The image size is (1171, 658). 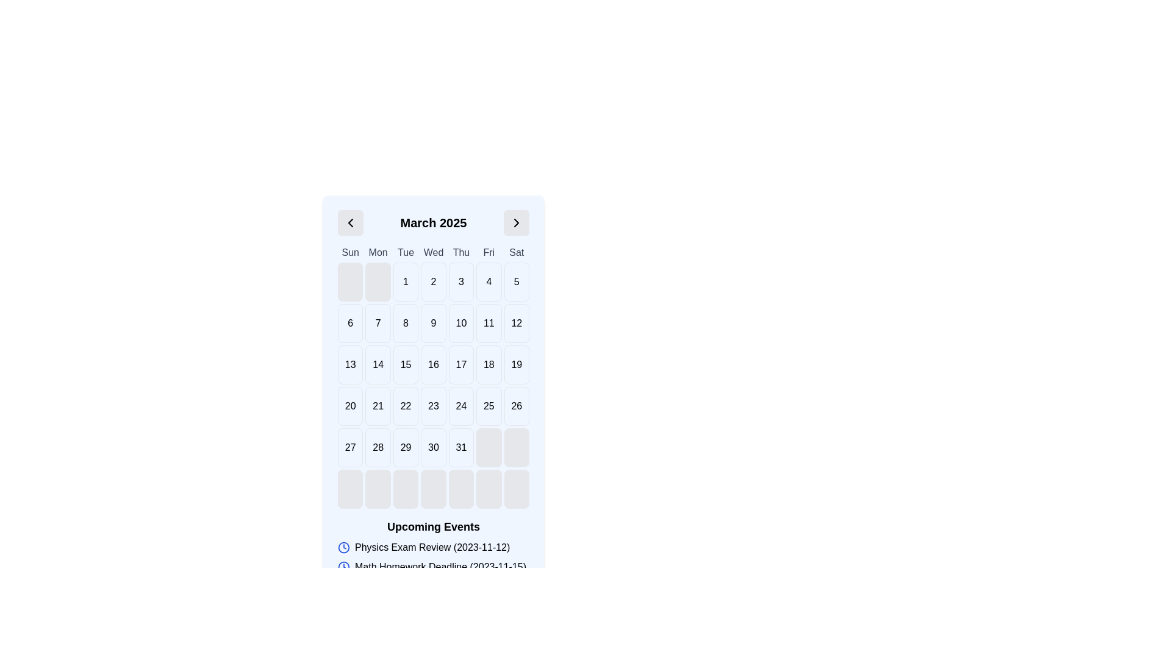 What do you see at coordinates (489, 448) in the screenshot?
I see `the Calendar Cell Placeholder element located in the sixth column of the bottom row of the grid-based calendar interface` at bounding box center [489, 448].